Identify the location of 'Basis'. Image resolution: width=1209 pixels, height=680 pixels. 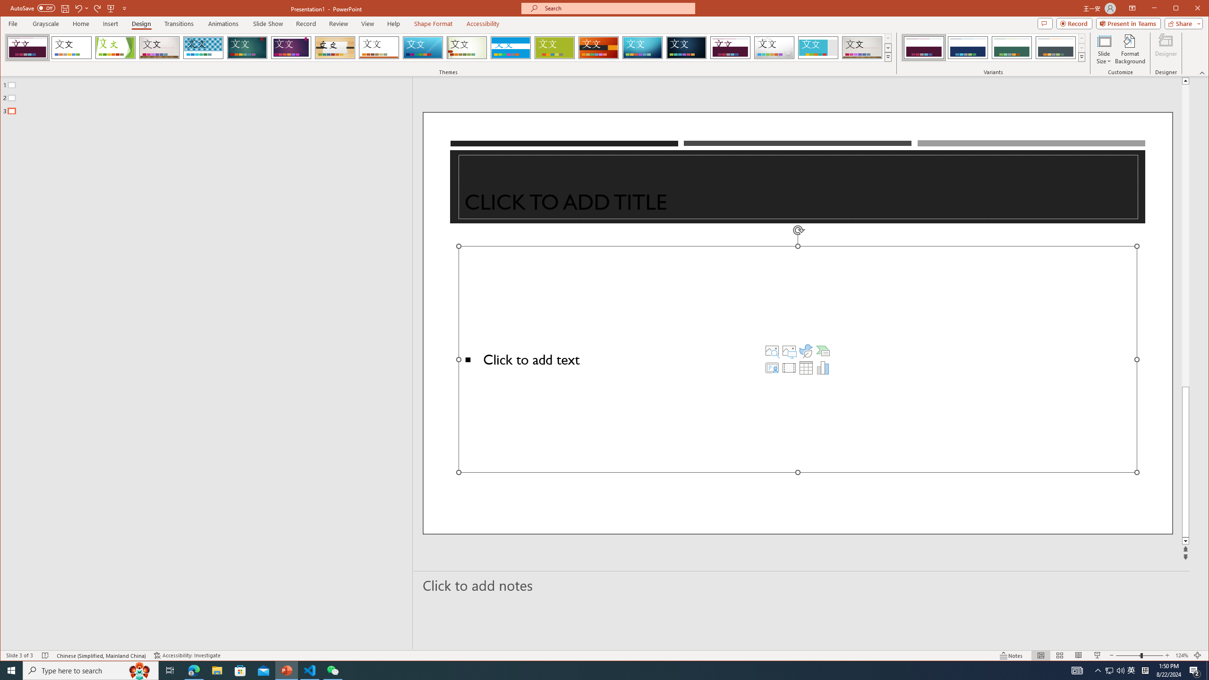
(554, 47).